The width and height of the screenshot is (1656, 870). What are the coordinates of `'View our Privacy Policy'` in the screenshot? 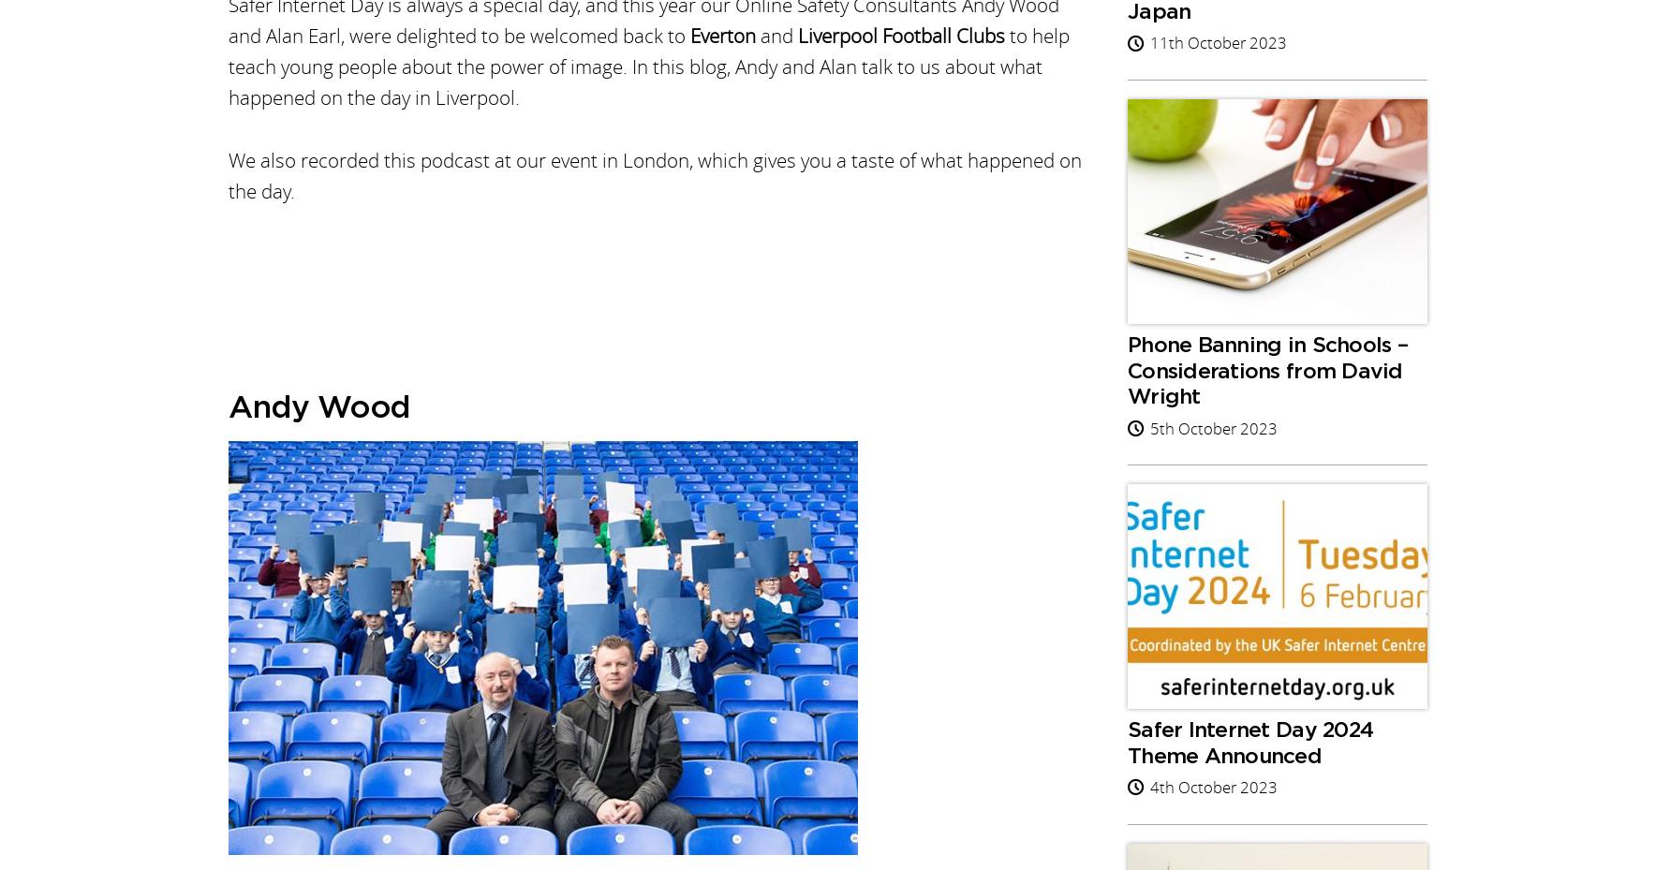 It's located at (821, 60).